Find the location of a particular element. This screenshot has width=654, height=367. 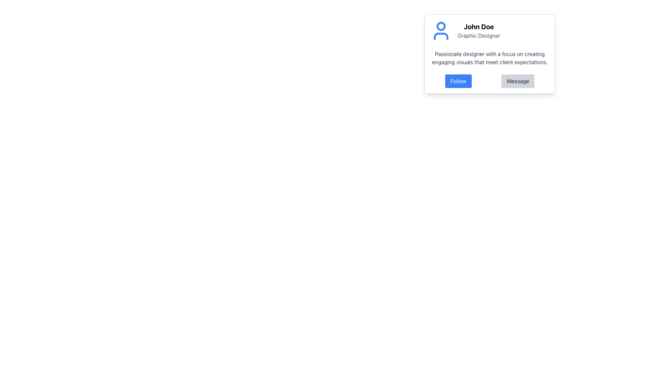

the Text label that describes the role or professional title of the user, located immediately below 'John Doe' in the user profile card is located at coordinates (479, 35).